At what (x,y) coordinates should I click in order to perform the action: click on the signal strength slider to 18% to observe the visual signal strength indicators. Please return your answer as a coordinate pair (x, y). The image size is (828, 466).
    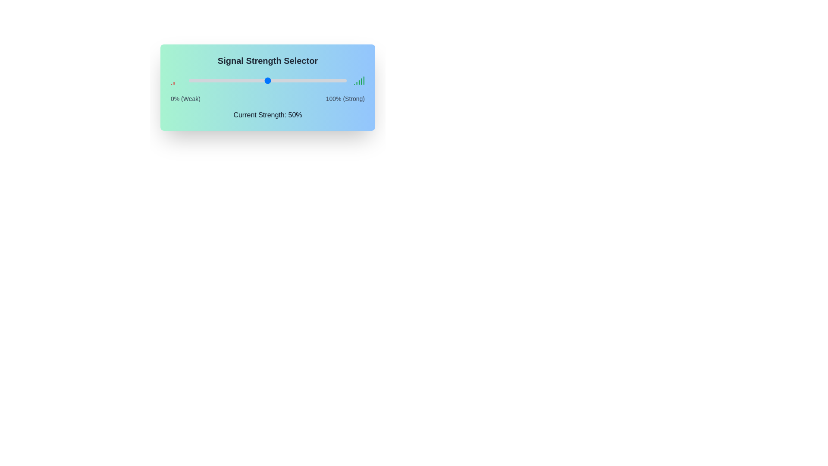
    Looking at the image, I should click on (217, 80).